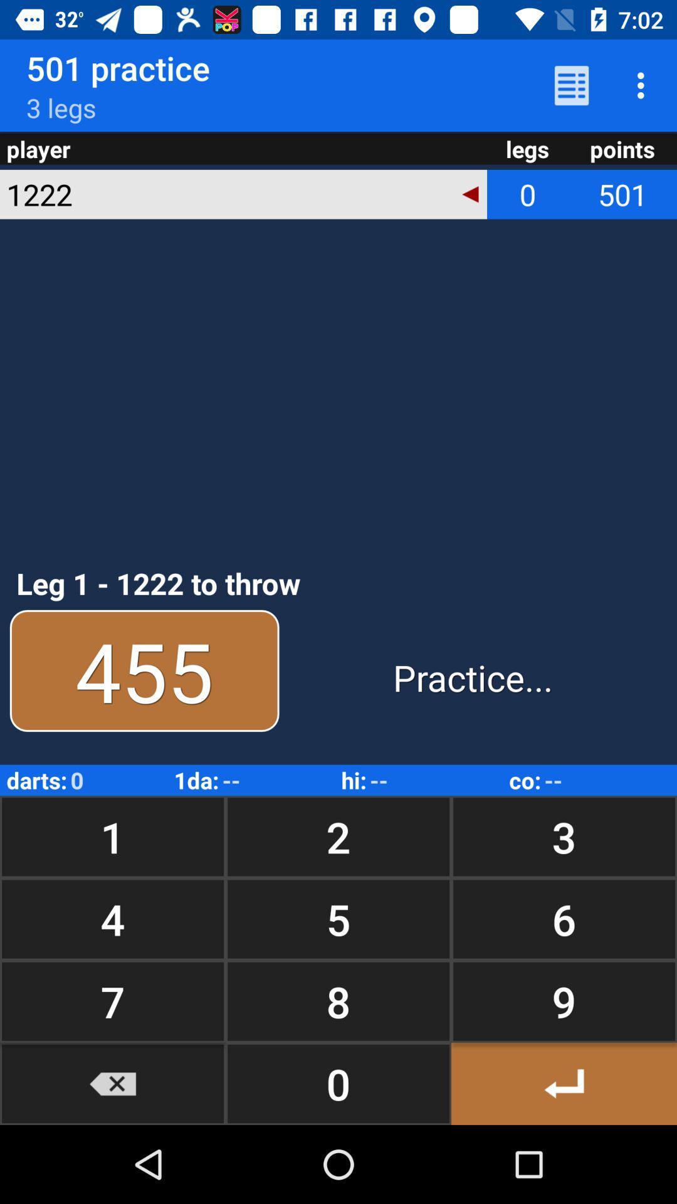 The width and height of the screenshot is (677, 1204). What do you see at coordinates (338, 837) in the screenshot?
I see `the button to the left of 3 icon` at bounding box center [338, 837].